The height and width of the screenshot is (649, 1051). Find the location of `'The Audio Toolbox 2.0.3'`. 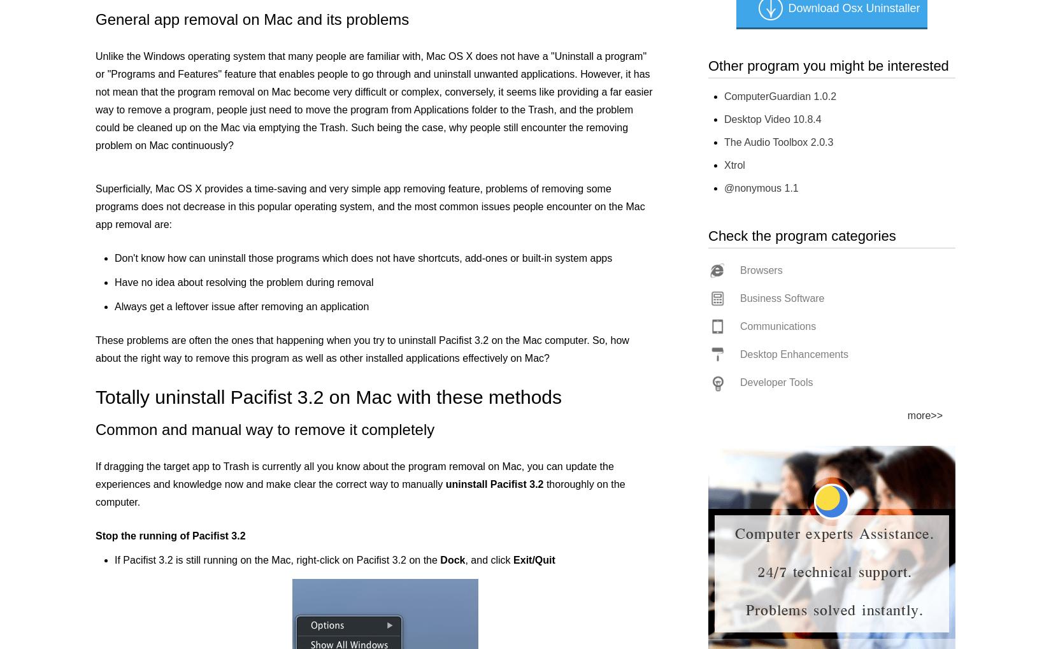

'The Audio Toolbox 2.0.3' is located at coordinates (778, 141).